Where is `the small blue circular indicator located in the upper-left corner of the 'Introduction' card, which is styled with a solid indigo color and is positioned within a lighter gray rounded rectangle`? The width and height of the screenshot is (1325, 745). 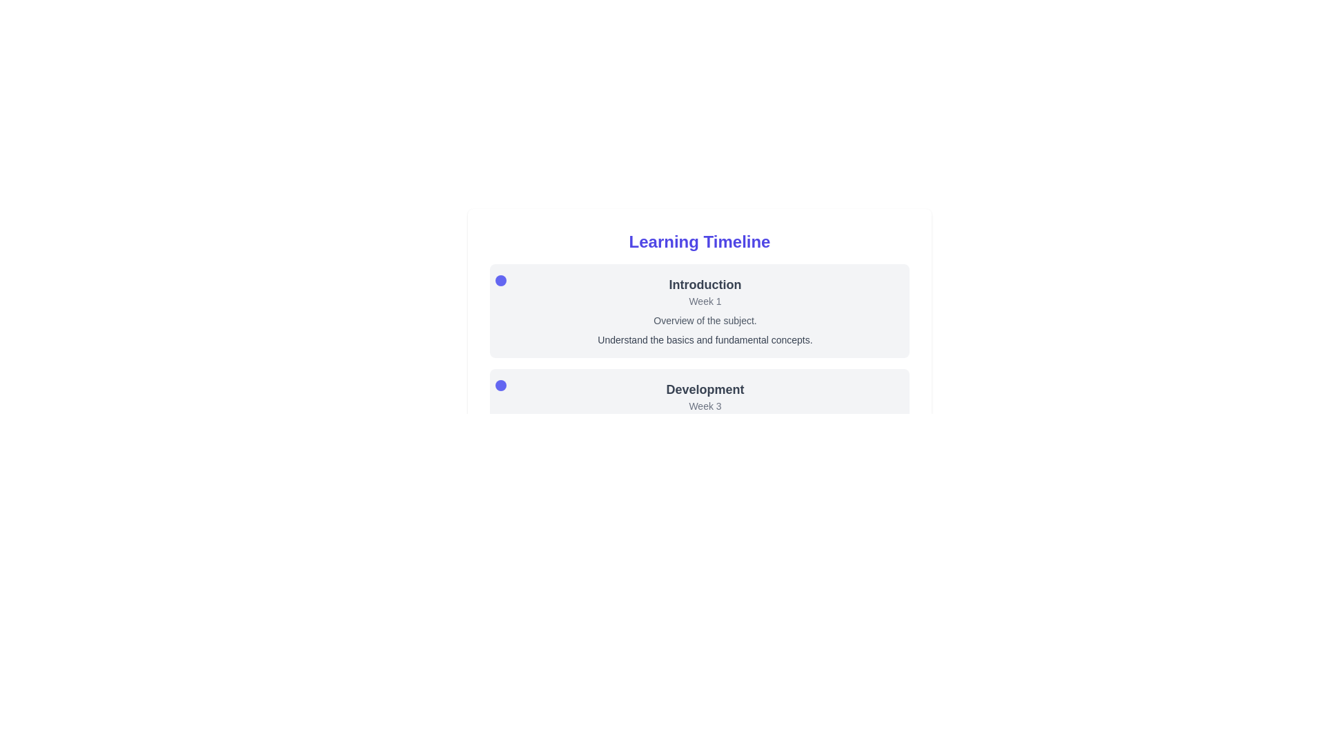
the small blue circular indicator located in the upper-left corner of the 'Introduction' card, which is styled with a solid indigo color and is positioned within a lighter gray rounded rectangle is located at coordinates (500, 280).